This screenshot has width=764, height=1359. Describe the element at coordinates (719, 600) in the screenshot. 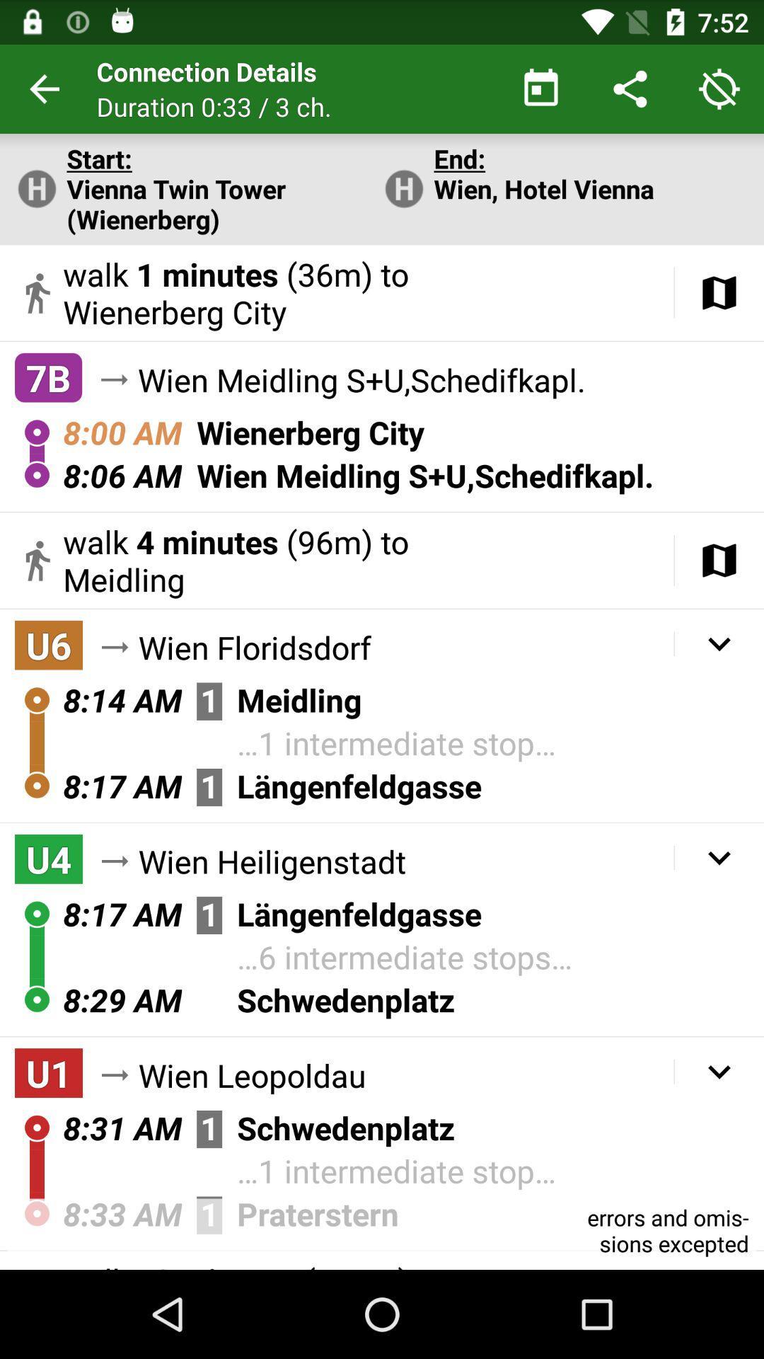

I see `the book icon` at that location.